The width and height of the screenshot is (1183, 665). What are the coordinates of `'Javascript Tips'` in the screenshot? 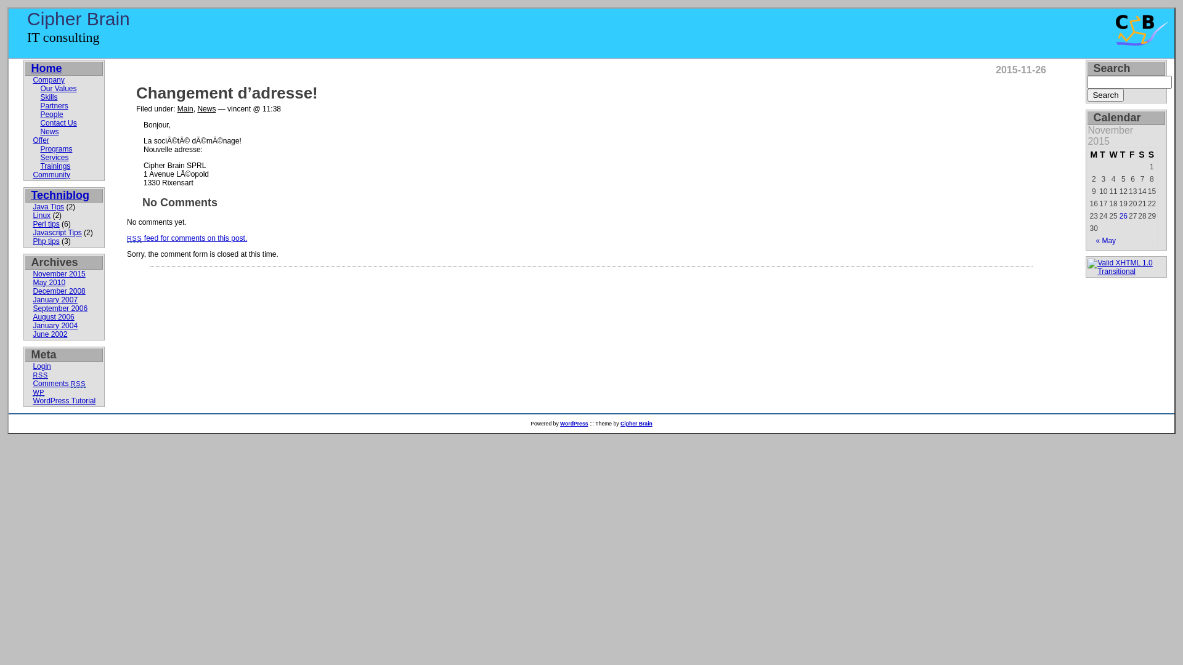 It's located at (56, 233).